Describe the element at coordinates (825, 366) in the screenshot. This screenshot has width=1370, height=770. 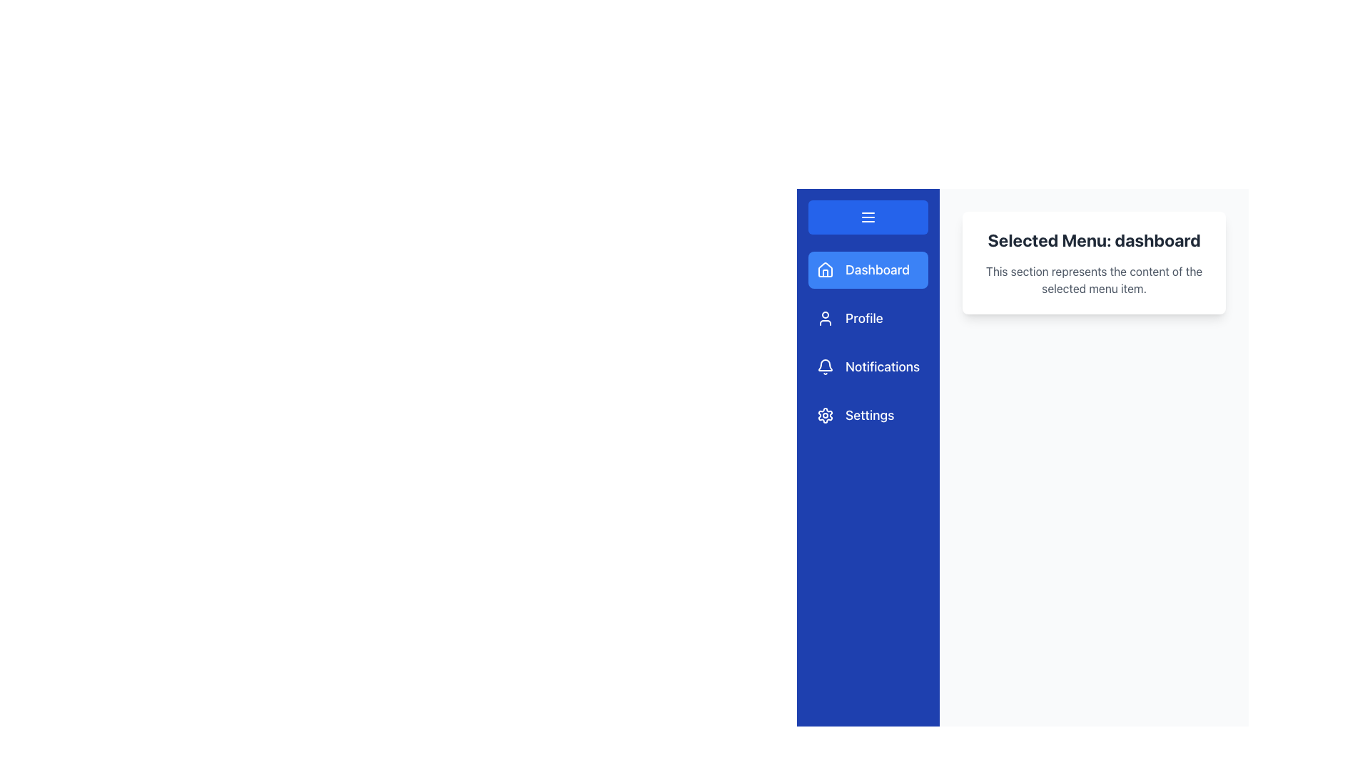
I see `the bell icon with a hollow center and rounded edges, located in the 'Notifications' section of the left-side vertical menu` at that location.